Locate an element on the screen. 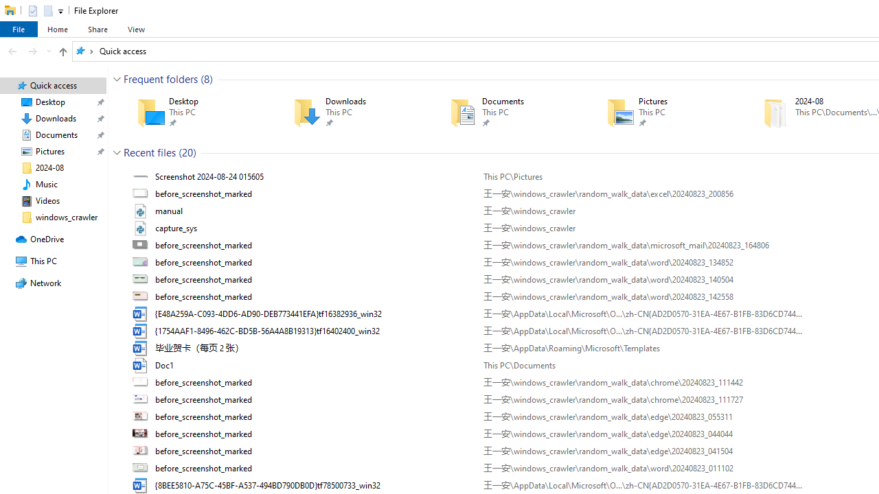  'Quick Access Toolbar' is located at coordinates (40, 11).